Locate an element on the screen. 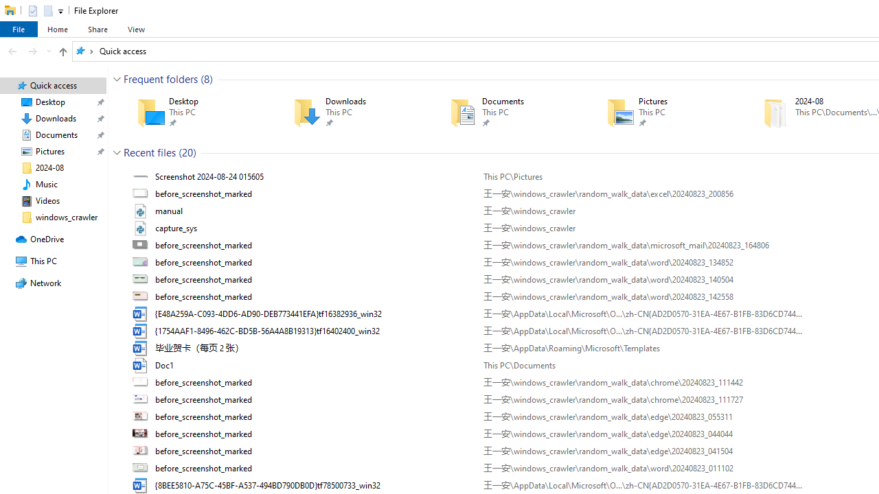  'Quick Access Toolbar' is located at coordinates (40, 11).